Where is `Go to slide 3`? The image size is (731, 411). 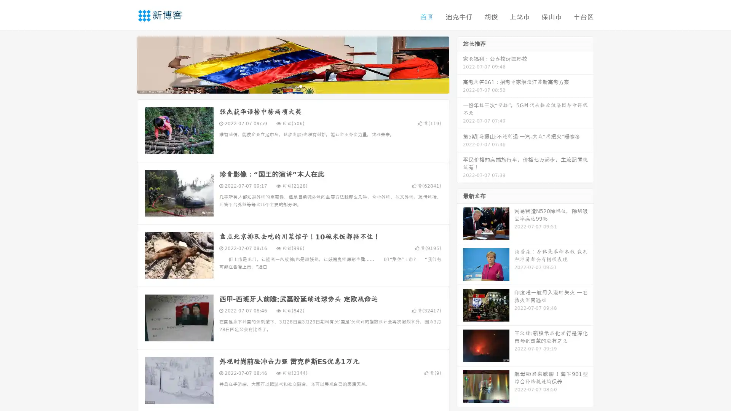 Go to slide 3 is located at coordinates (300, 86).